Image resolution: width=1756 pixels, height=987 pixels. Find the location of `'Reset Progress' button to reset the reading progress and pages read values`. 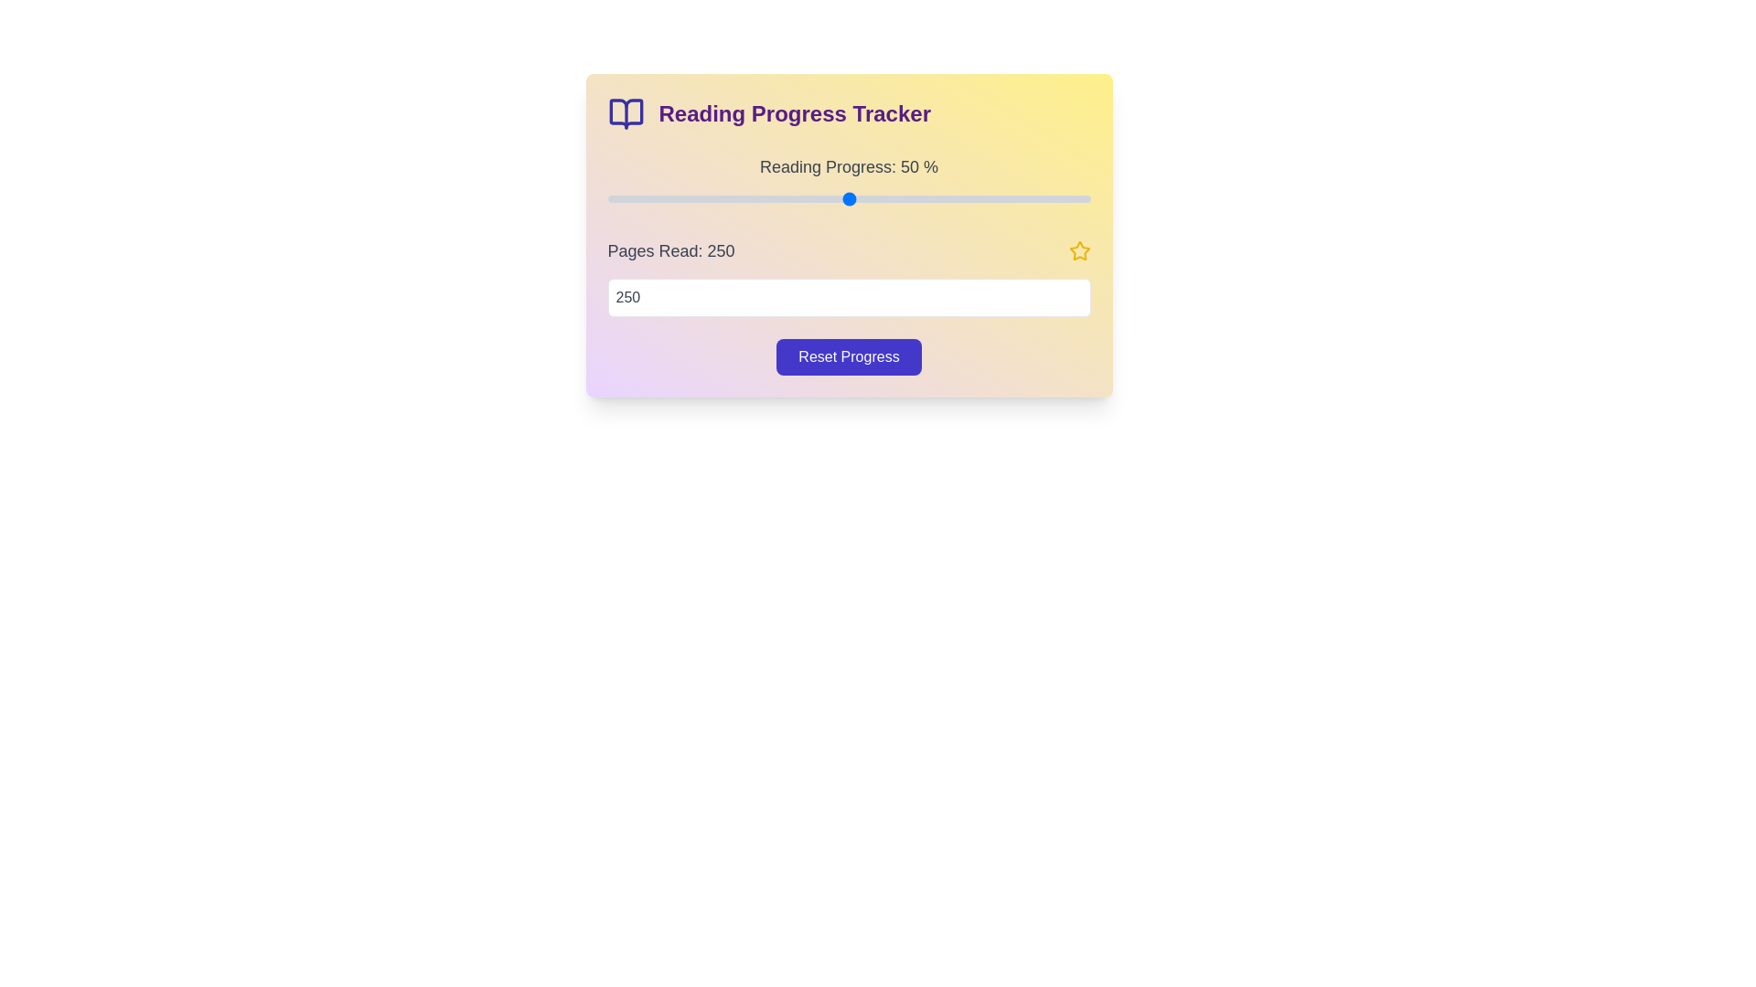

'Reset Progress' button to reset the reading progress and pages read values is located at coordinates (848, 356).